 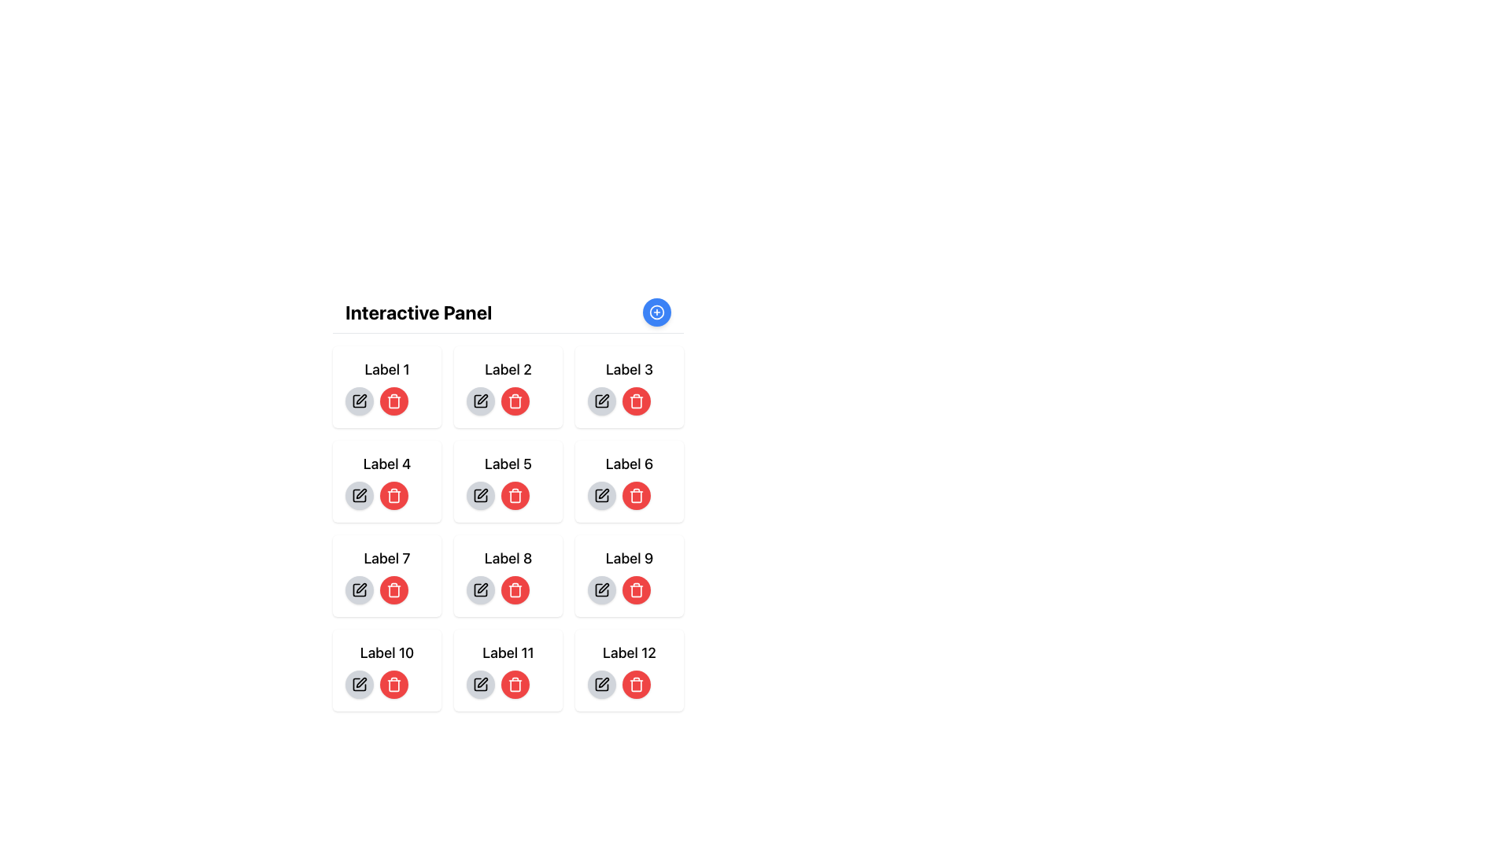 I want to click on the pen icon within the button group for 'Label 9' in the Interactive Panel to potentially see a tooltip or hover effect, so click(x=600, y=589).